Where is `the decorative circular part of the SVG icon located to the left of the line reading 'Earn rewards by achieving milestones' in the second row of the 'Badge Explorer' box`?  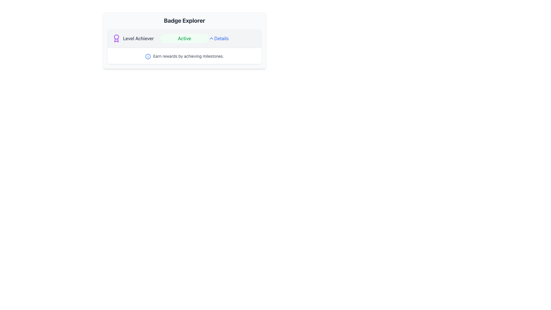 the decorative circular part of the SVG icon located to the left of the line reading 'Earn rewards by achieving milestones' in the second row of the 'Badge Explorer' box is located at coordinates (148, 56).